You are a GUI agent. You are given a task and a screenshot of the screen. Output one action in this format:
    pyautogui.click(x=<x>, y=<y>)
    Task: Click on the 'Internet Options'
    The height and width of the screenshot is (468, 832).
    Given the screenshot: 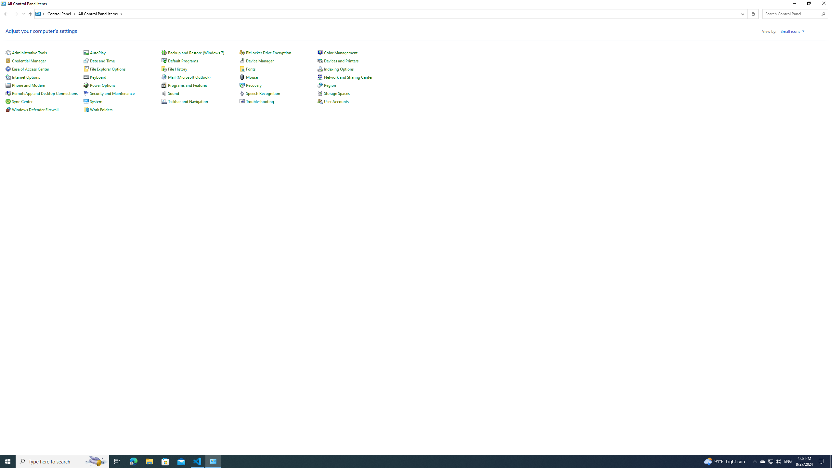 What is the action you would take?
    pyautogui.click(x=26, y=77)
    